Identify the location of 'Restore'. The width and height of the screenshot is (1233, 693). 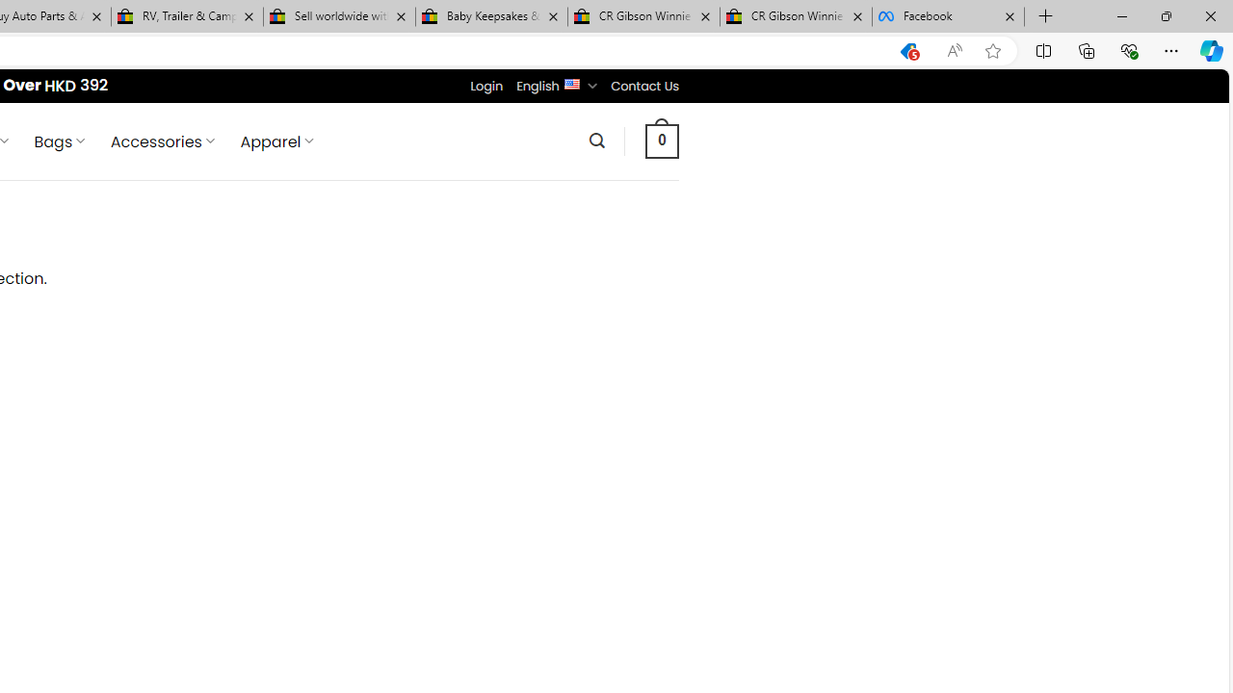
(1165, 15).